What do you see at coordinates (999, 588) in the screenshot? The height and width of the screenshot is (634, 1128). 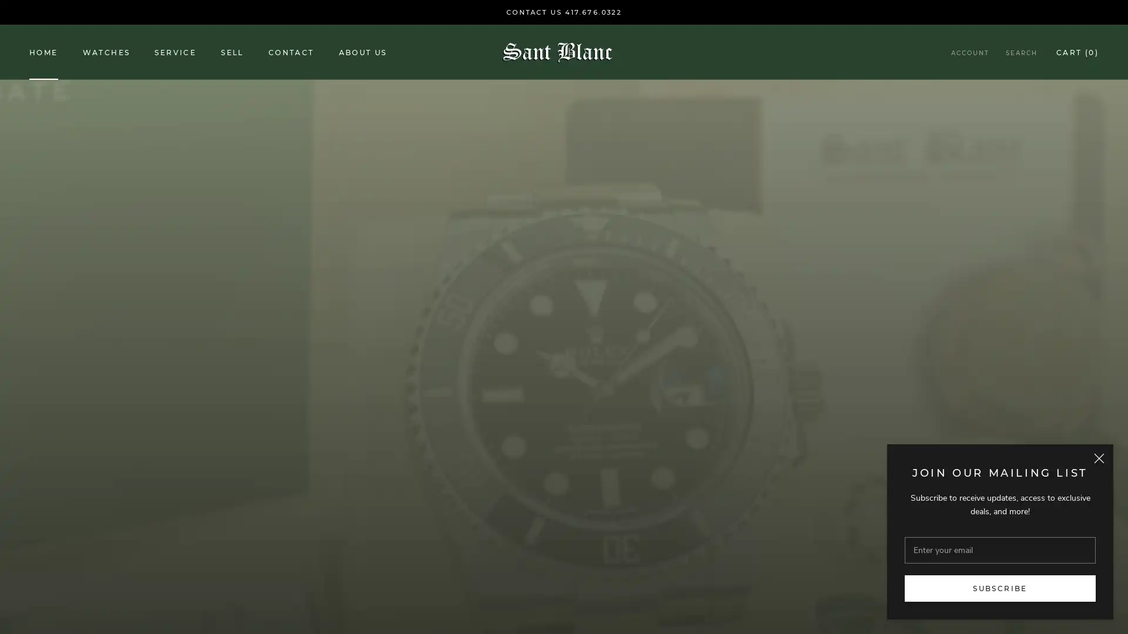 I see `SUBSCRIBE` at bounding box center [999, 588].